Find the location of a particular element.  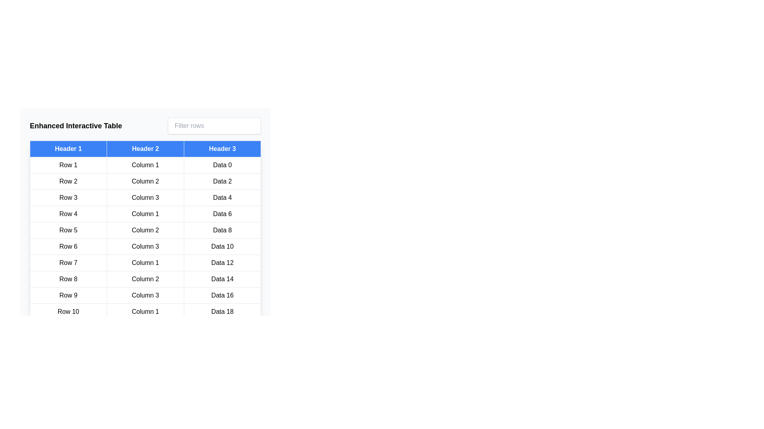

the header Header 1 to interact with the table column is located at coordinates (68, 149).